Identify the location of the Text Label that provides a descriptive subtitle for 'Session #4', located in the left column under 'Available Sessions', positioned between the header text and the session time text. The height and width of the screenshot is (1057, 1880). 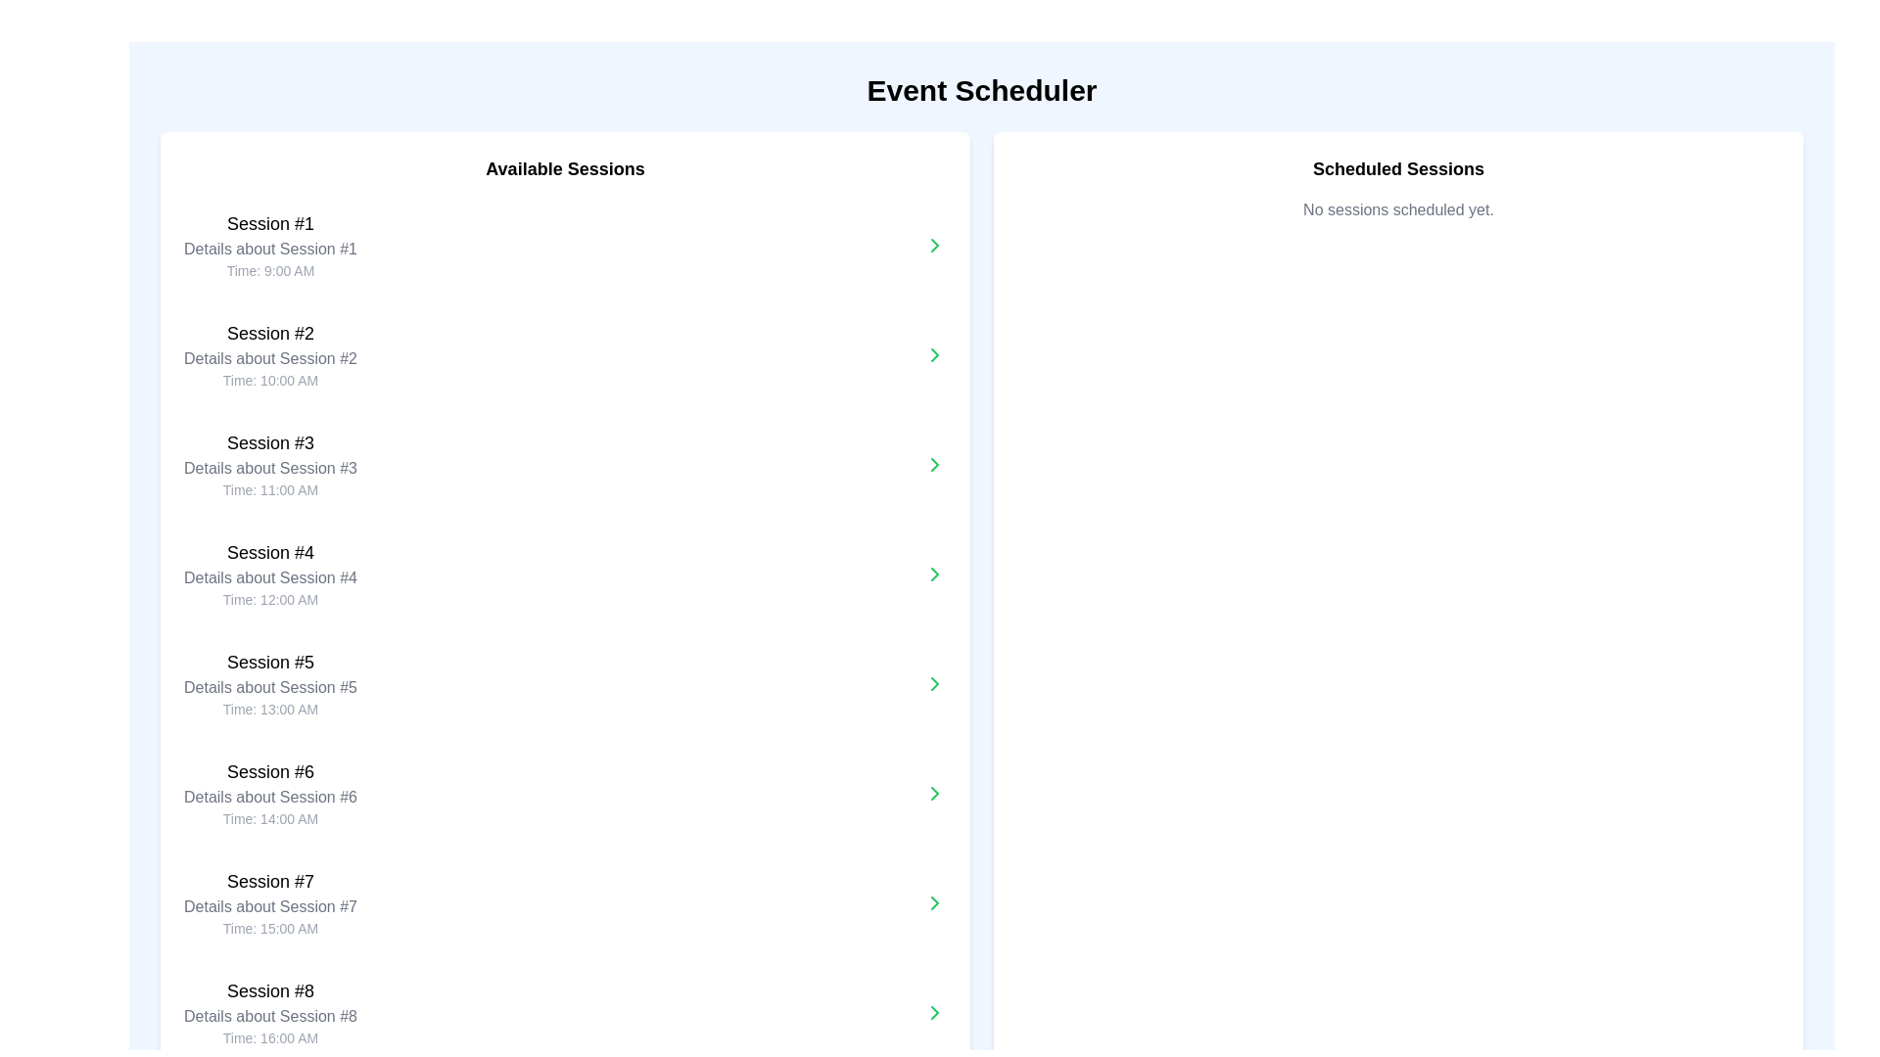
(269, 576).